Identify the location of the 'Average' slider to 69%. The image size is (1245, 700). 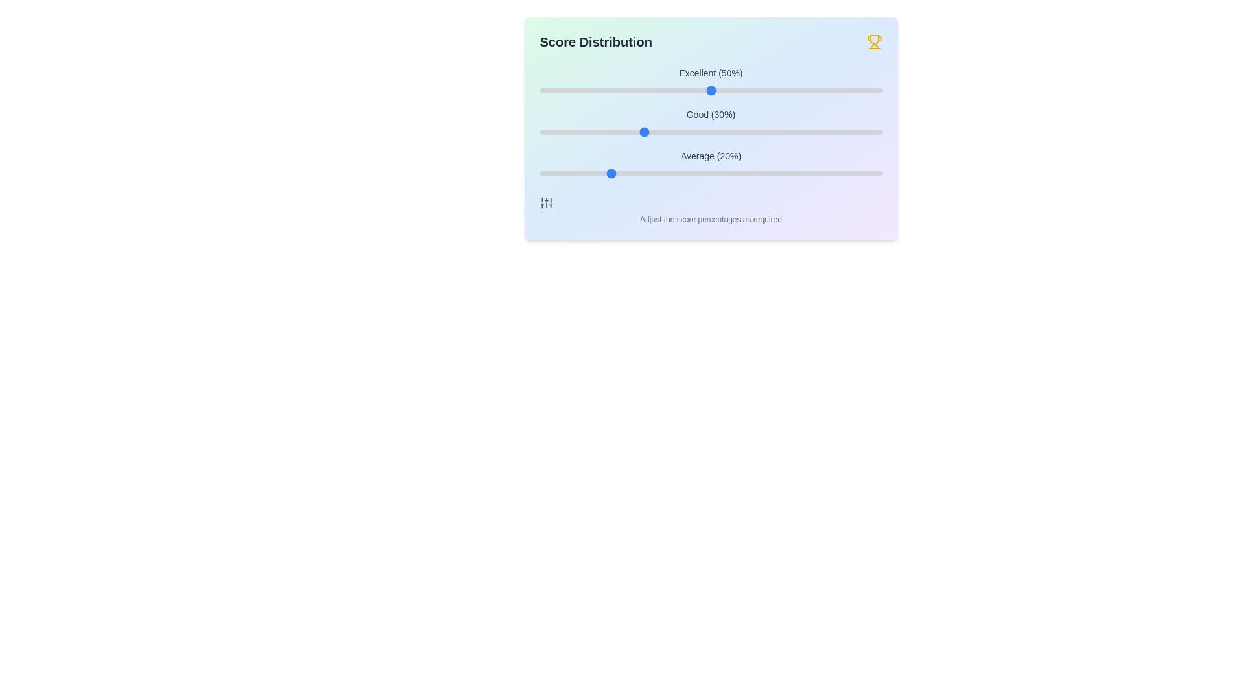
(776, 172).